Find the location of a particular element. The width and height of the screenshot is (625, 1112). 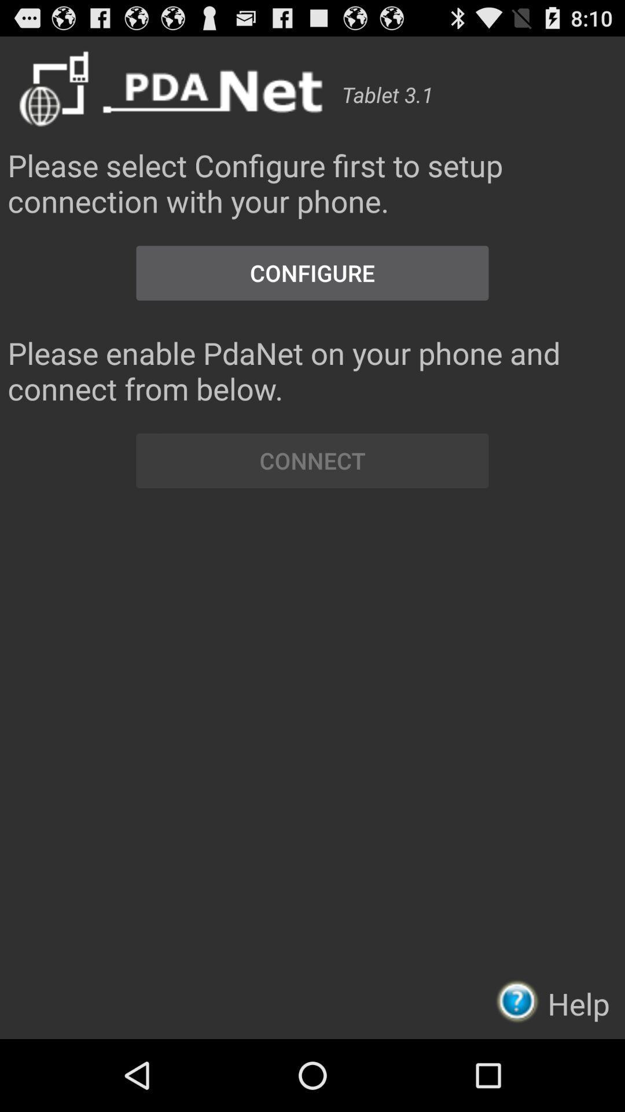

button below connect icon is located at coordinates (521, 1000).